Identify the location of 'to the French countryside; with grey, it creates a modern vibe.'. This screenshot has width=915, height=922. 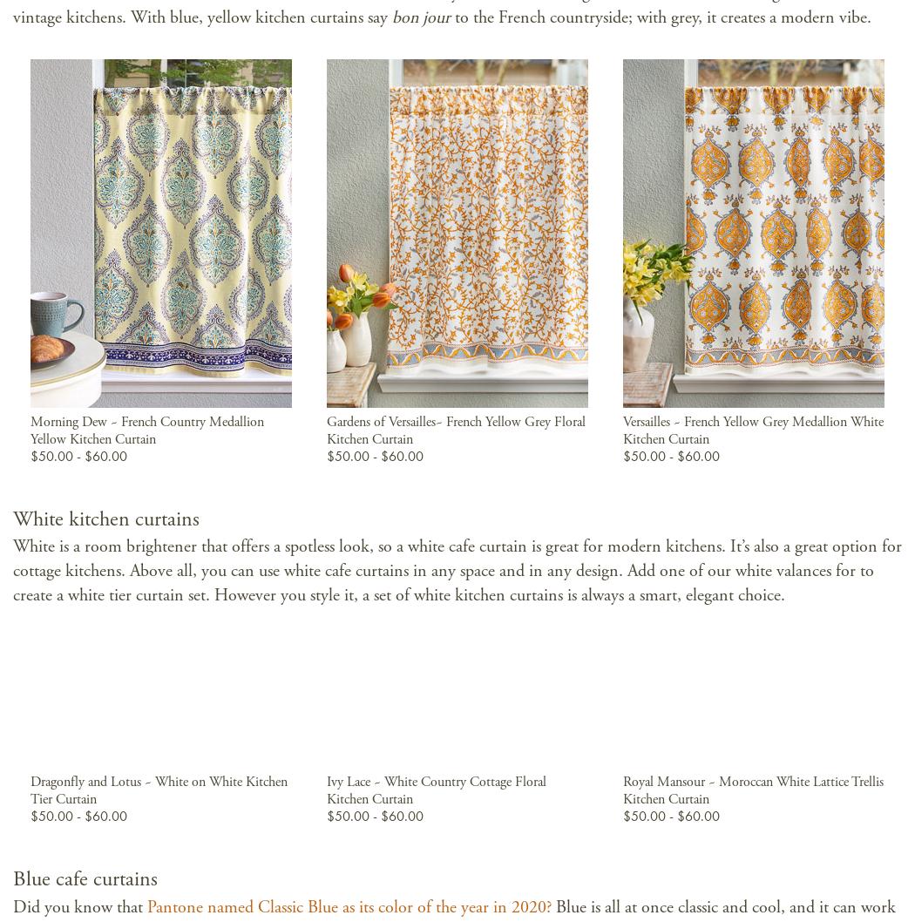
(663, 17).